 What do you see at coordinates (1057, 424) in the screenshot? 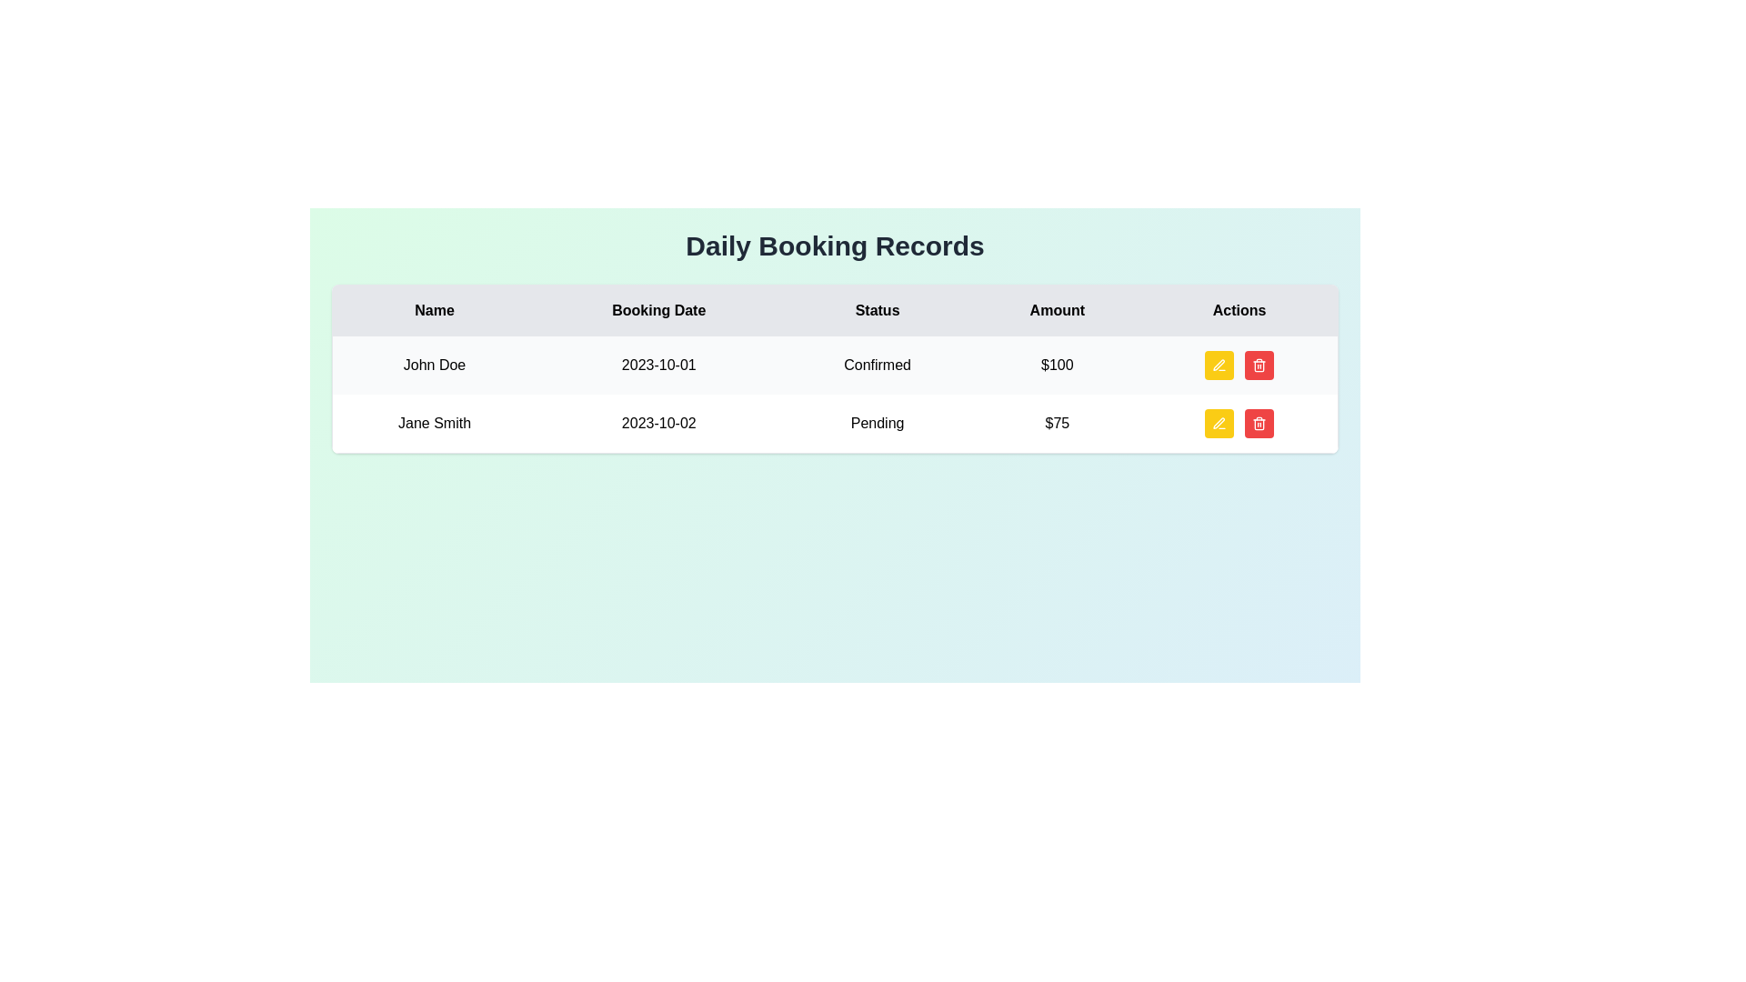
I see `the text label displaying '$75' located in the 'Amount' column of the second row under the 'Daily Booking Records' section, which is visually aligned with 'Pending' and 'Actions'` at bounding box center [1057, 424].